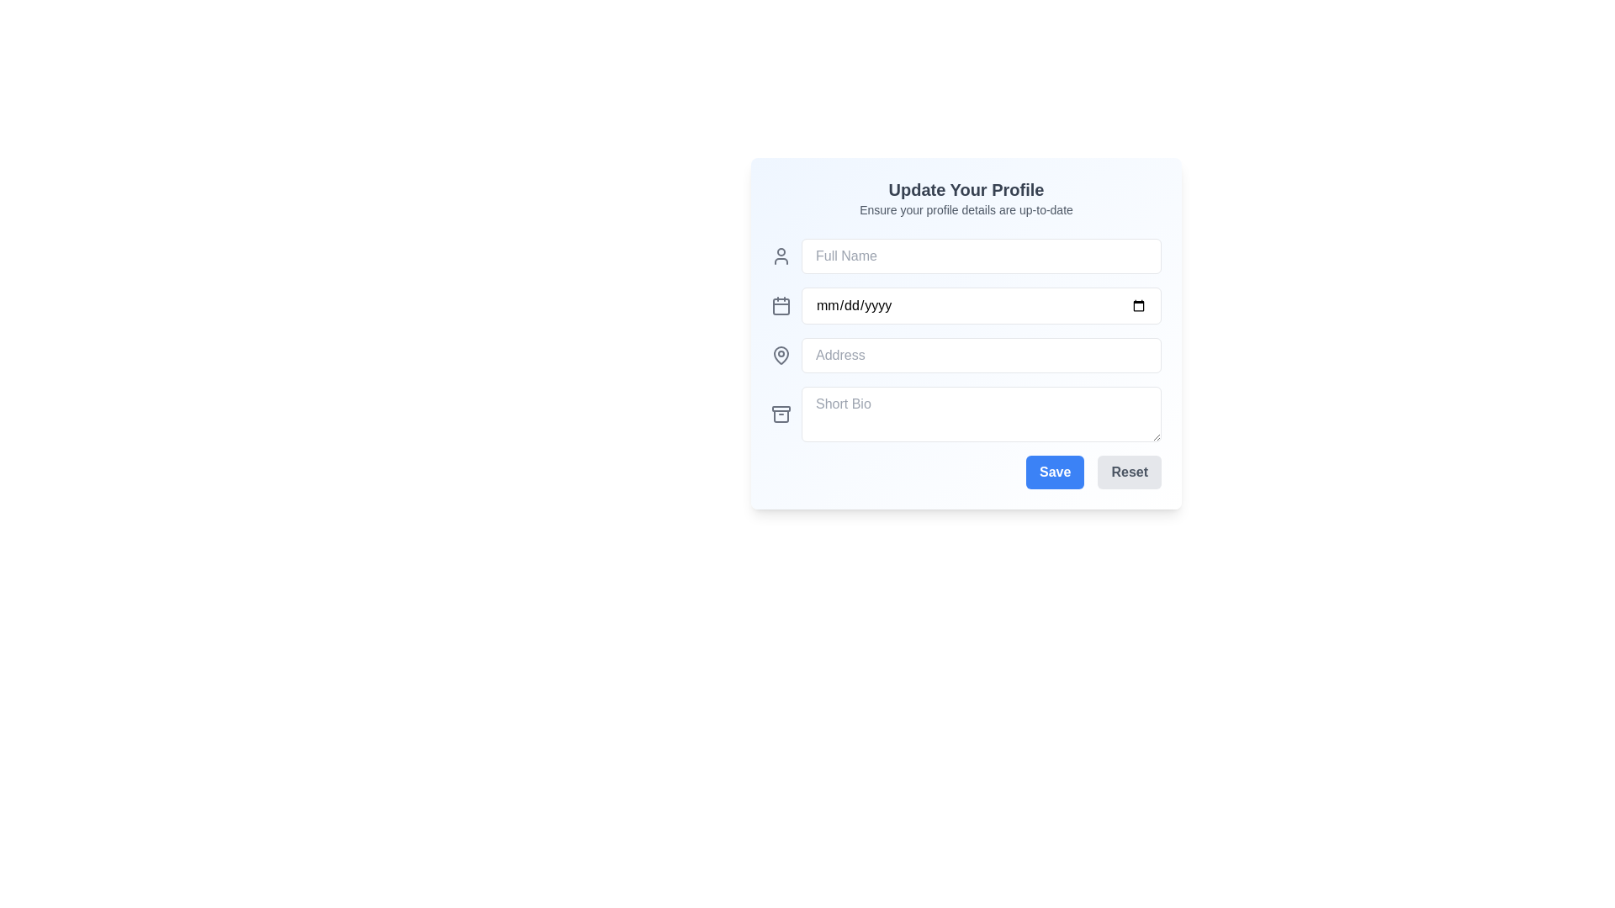 The width and height of the screenshot is (1615, 908). I want to click on the address input field located in the 'Update Your Profile' section, which is positioned between the 'Date of Birth' and 'Short Bio' fields, so click(966, 362).